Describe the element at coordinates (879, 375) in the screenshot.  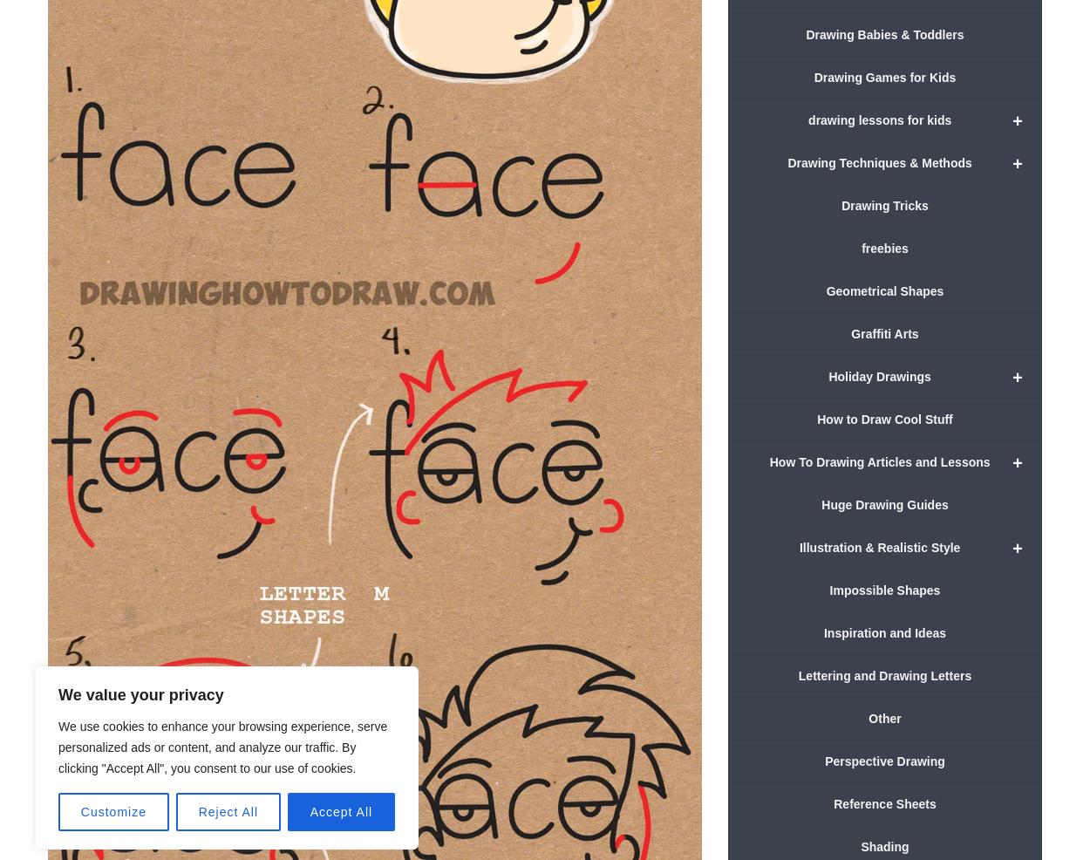
I see `'Holiday Drawings'` at that location.